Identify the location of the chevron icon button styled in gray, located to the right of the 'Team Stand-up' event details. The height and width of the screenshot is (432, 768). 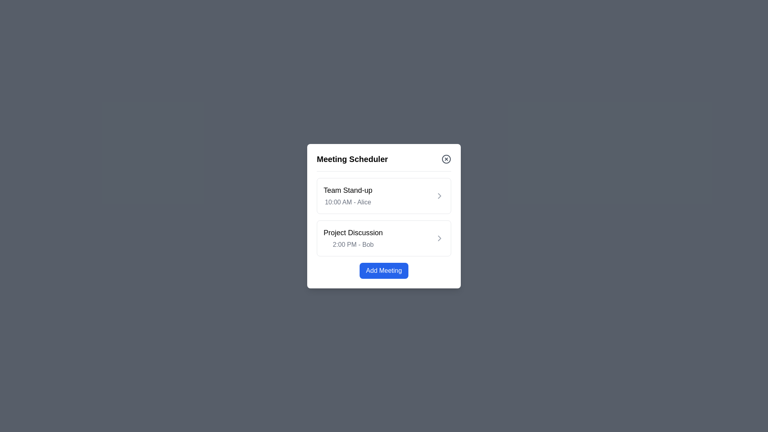
(439, 196).